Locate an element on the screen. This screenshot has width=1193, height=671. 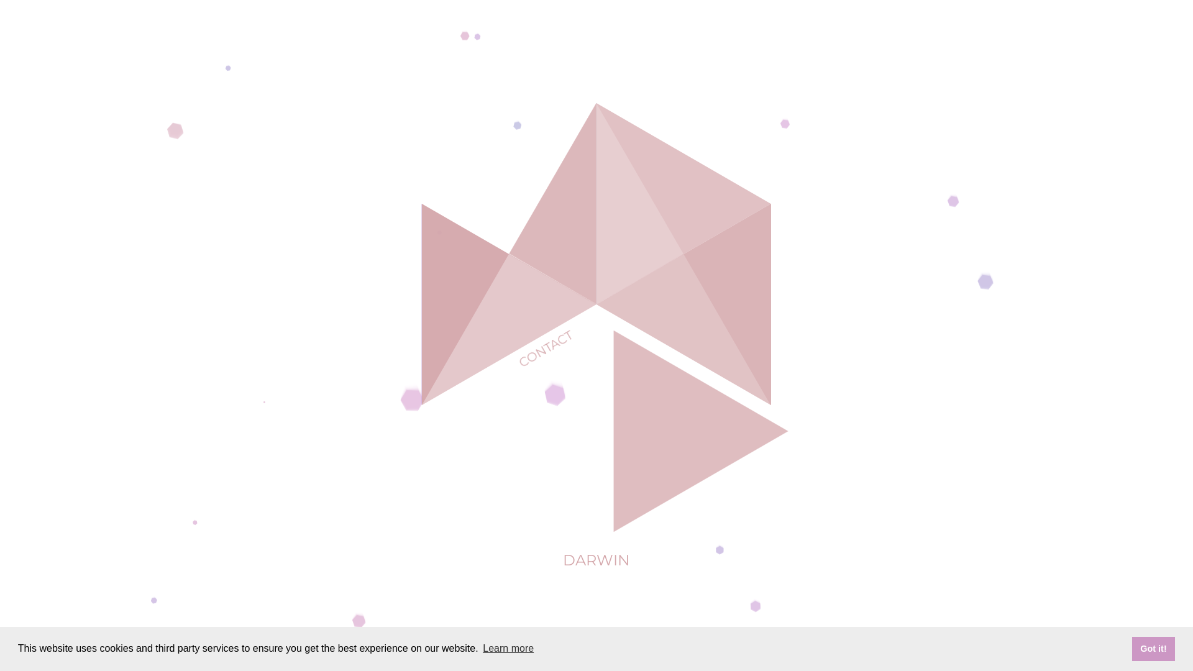
'Learn more' is located at coordinates (480, 648).